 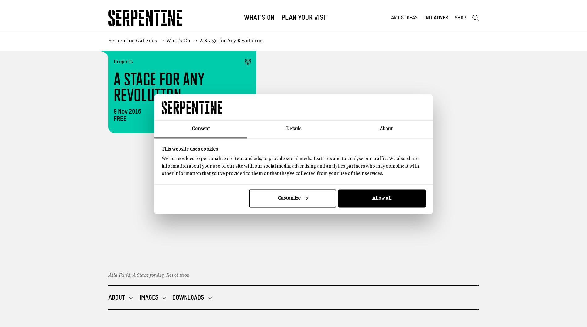 What do you see at coordinates (161, 166) in the screenshot?
I see `'We use cookies to personalise content and ads, to provide social media features and to analyse our traffic. We also share information about your use of our site with our social media, advertising and analytics partners who may combine it with other information that you’ve provided to them or that they’ve collected from your use of their services.'` at bounding box center [161, 166].